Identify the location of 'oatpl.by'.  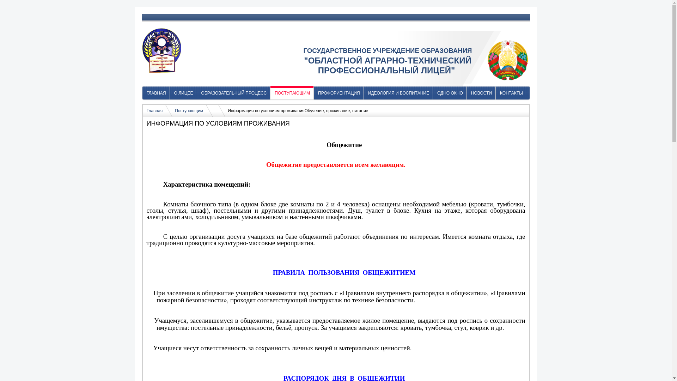
(161, 50).